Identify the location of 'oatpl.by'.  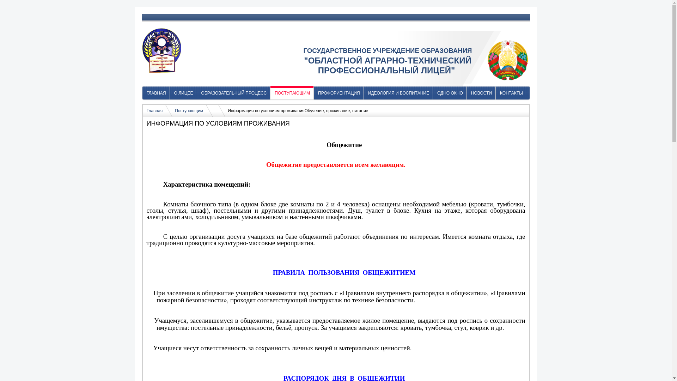
(161, 50).